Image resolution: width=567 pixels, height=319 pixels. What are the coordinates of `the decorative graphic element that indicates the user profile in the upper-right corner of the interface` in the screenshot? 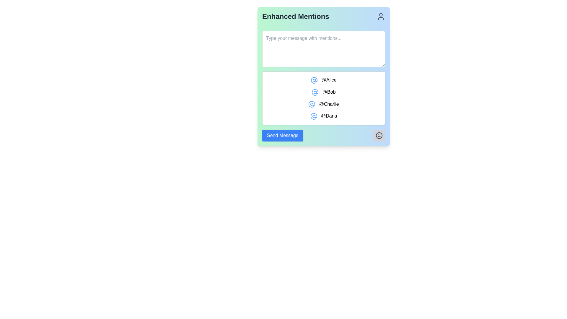 It's located at (381, 14).